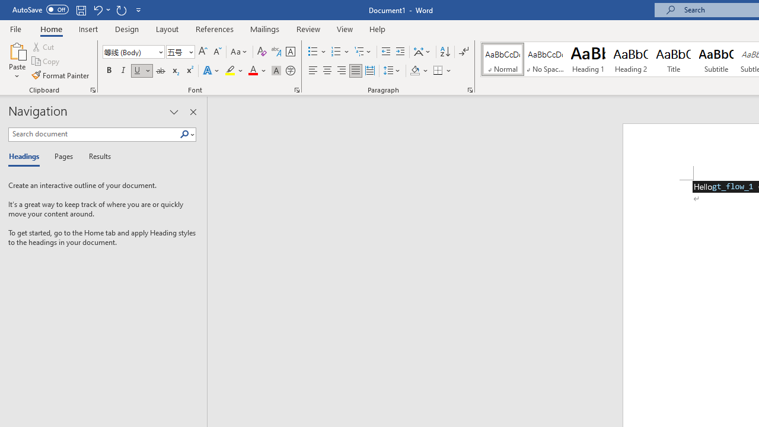 Image resolution: width=759 pixels, height=427 pixels. I want to click on 'Repeat Underline Style', so click(121, 9).